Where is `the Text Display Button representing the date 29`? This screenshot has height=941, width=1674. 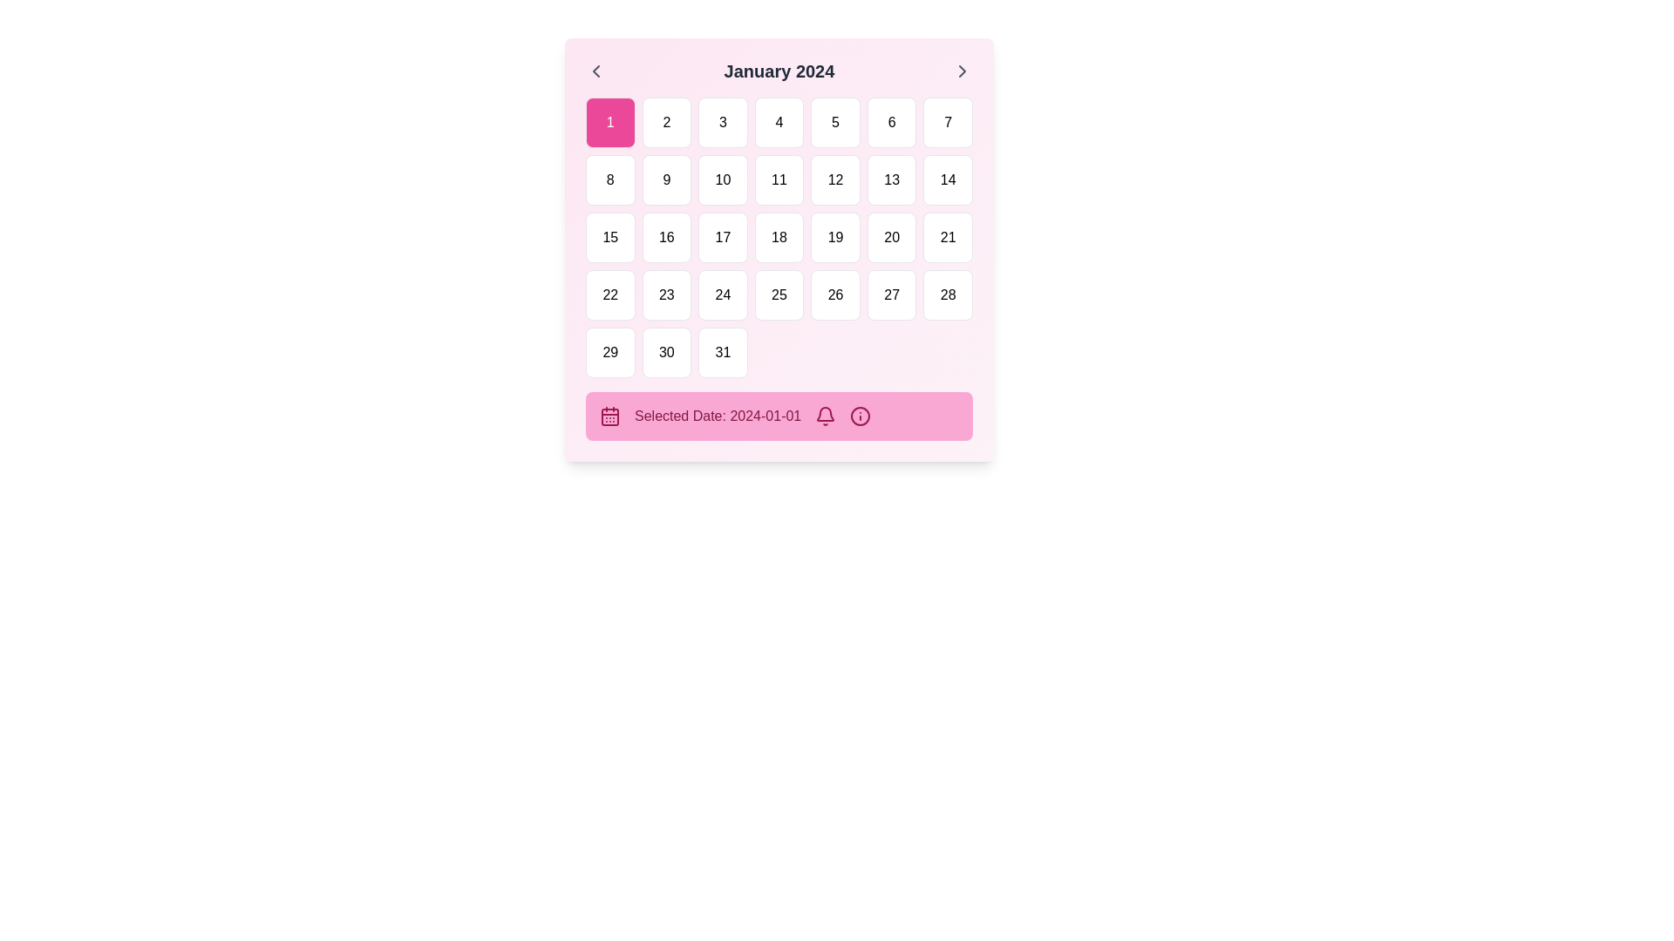 the Text Display Button representing the date 29 is located at coordinates (610, 353).